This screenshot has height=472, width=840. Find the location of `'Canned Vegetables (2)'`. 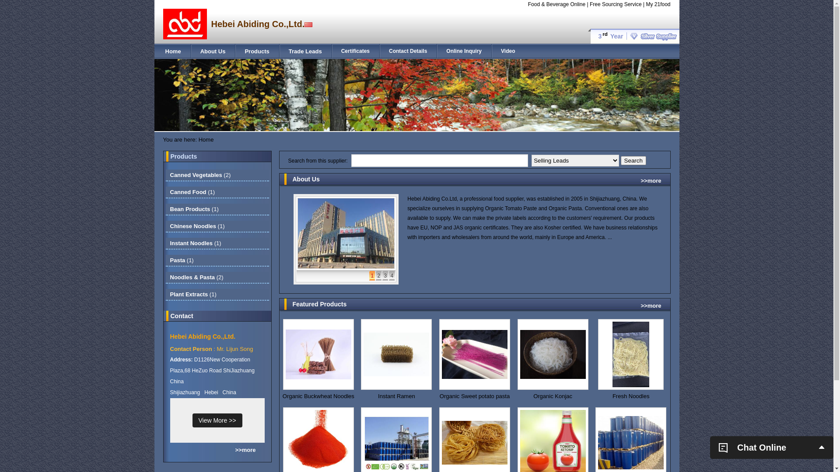

'Canned Vegetables (2)' is located at coordinates (199, 175).